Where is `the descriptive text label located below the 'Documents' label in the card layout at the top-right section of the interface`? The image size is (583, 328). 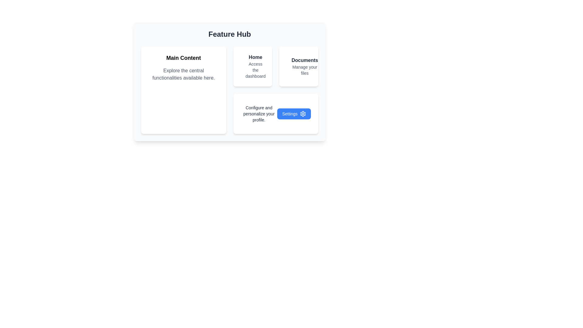
the descriptive text label located below the 'Documents' label in the card layout at the top-right section of the interface is located at coordinates (305, 70).